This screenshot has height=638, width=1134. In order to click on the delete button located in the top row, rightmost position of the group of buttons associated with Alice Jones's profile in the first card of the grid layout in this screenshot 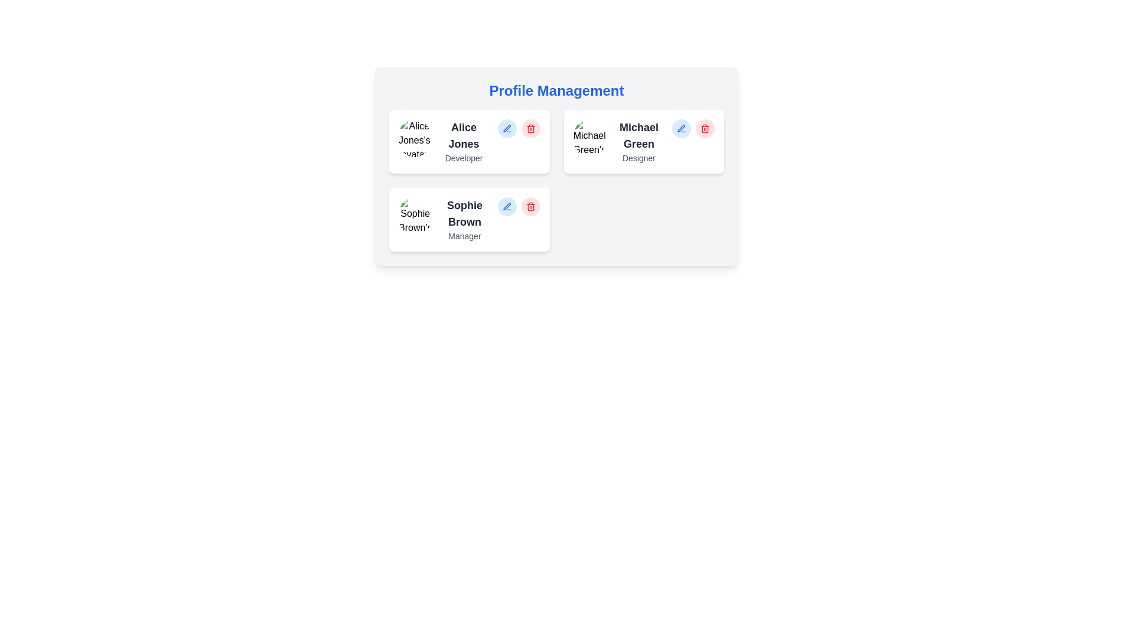, I will do `click(530, 129)`.